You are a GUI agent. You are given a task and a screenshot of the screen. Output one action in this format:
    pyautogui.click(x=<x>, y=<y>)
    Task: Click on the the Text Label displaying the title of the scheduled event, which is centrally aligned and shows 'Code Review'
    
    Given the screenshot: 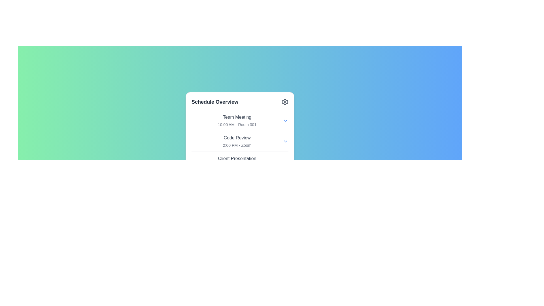 What is the action you would take?
    pyautogui.click(x=237, y=138)
    